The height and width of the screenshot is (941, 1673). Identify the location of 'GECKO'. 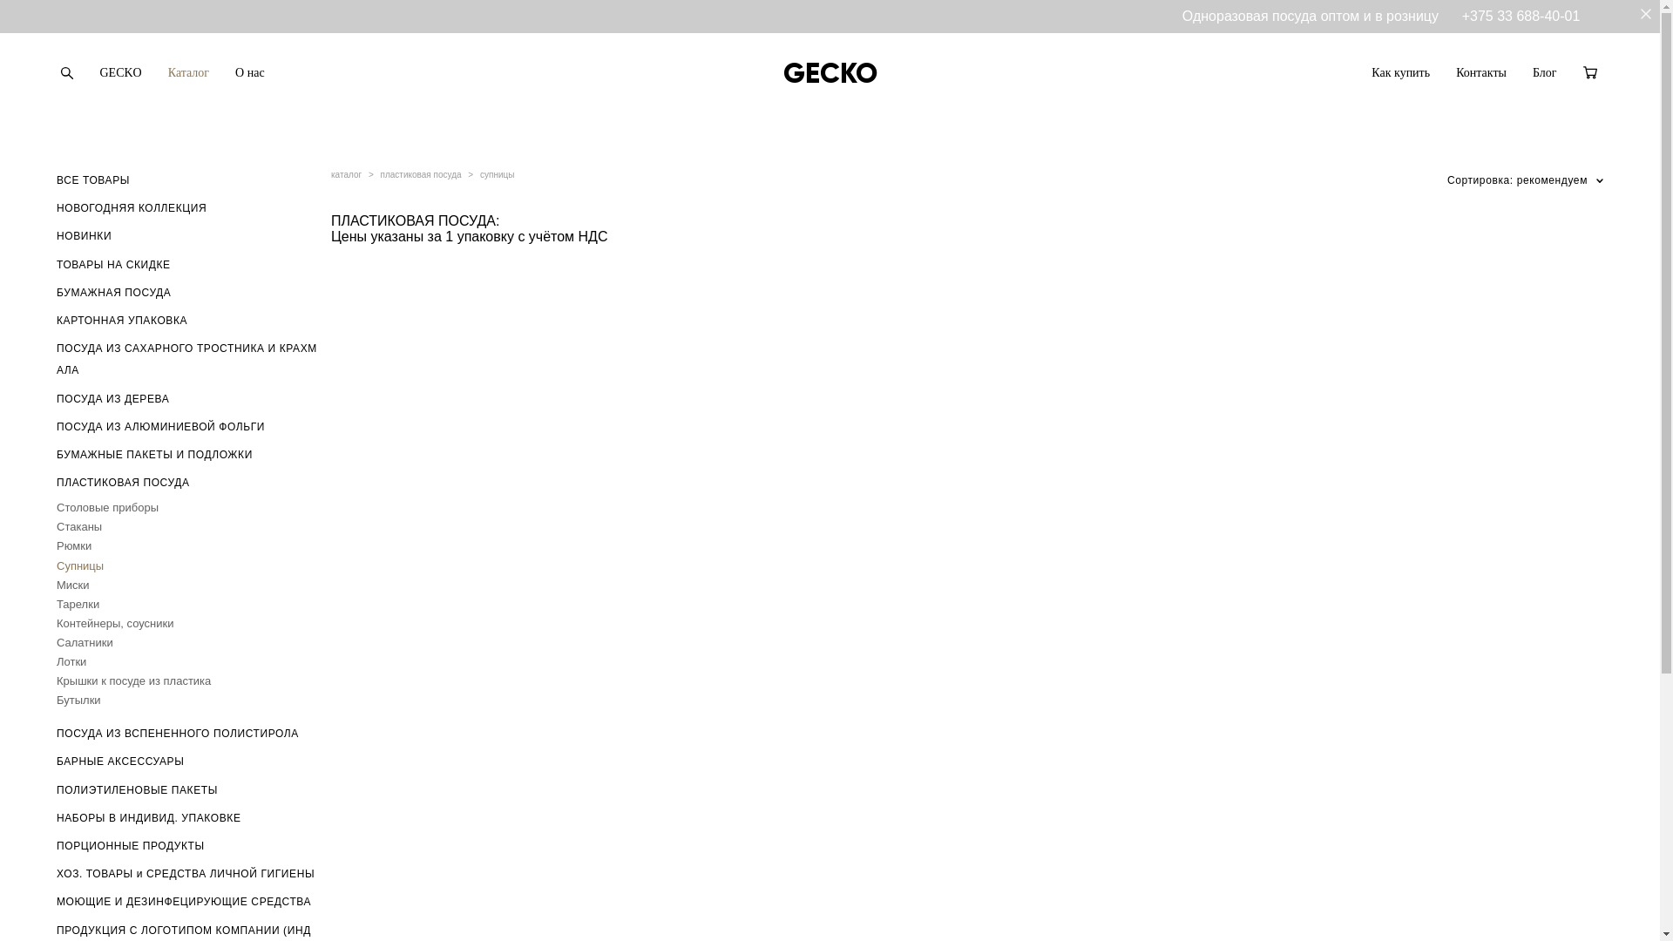
(828, 72).